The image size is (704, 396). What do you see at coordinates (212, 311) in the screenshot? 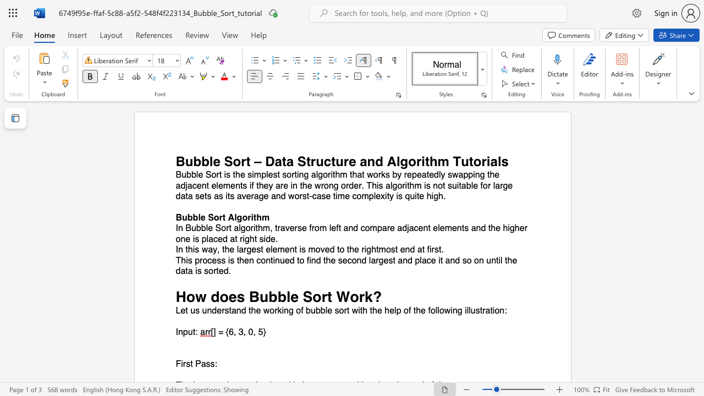
I see `the subset text "derstand the workin" within the text "Let us understand the working of bubble sort with the help of the following illustration:"` at bounding box center [212, 311].